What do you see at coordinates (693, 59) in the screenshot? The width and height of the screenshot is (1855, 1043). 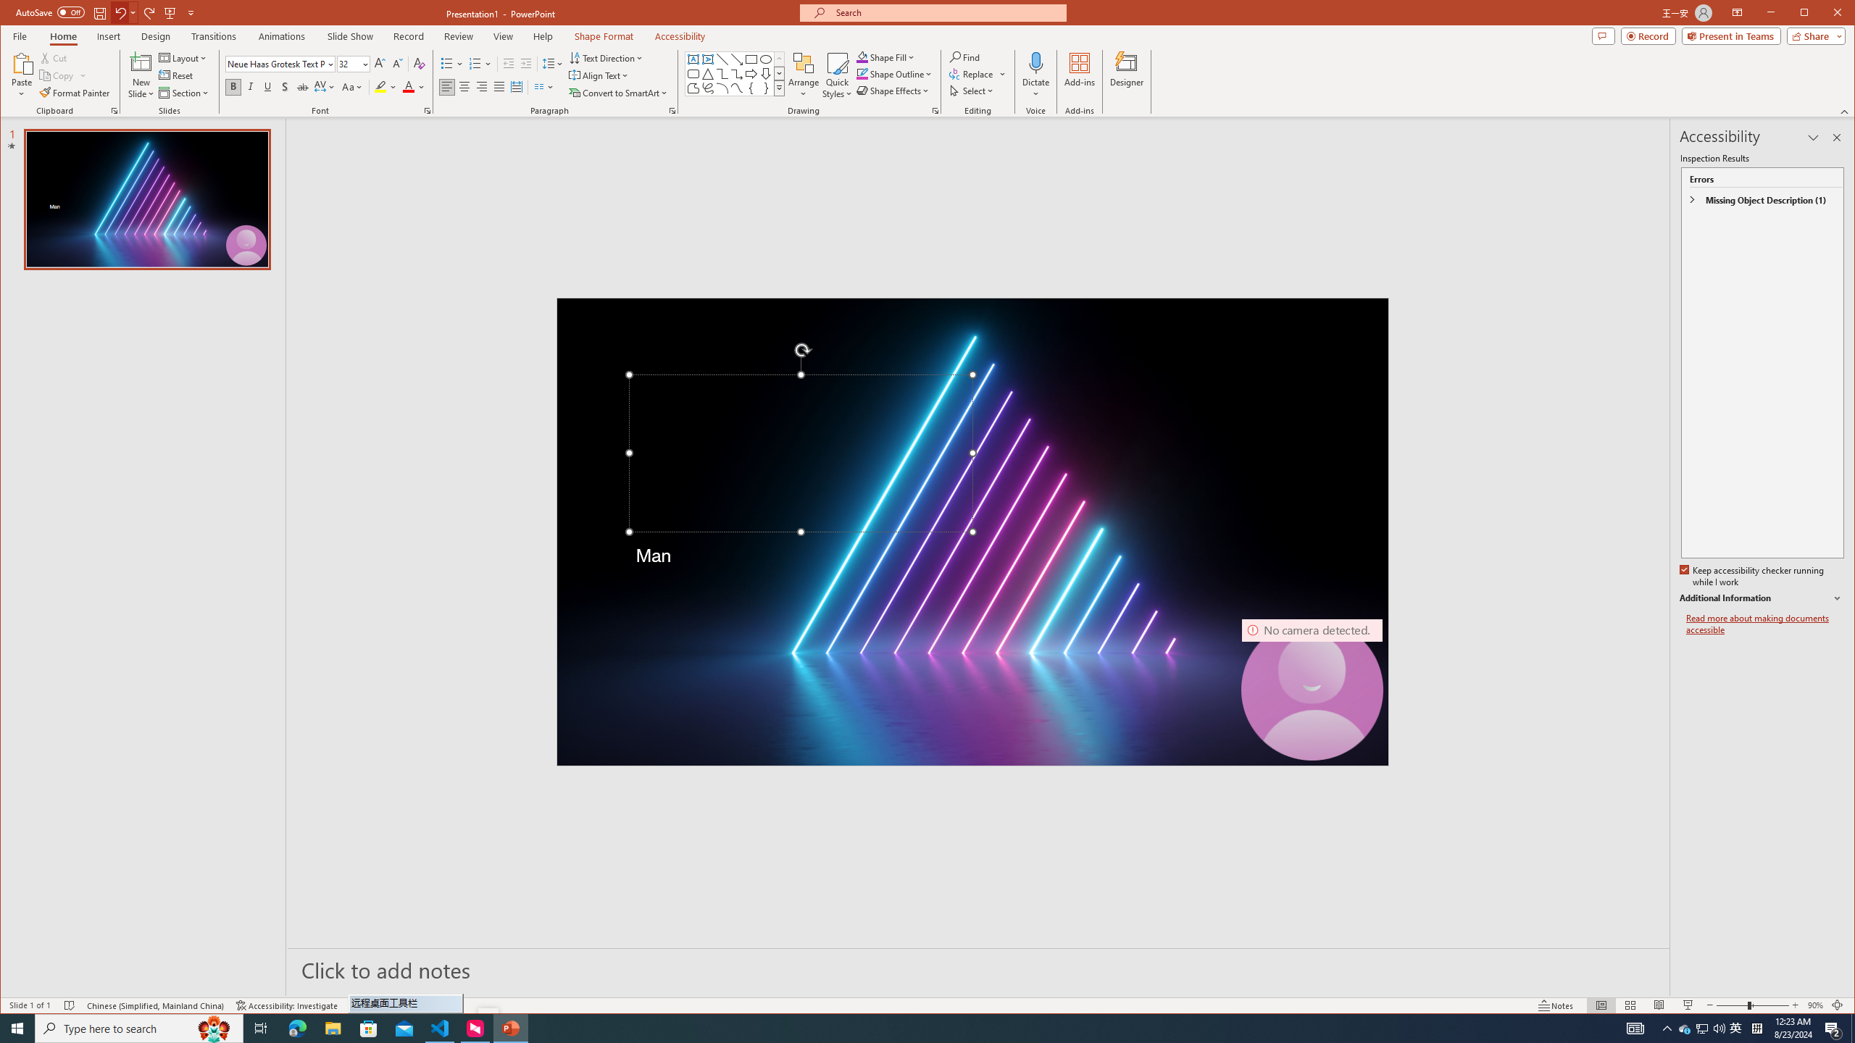 I see `'Text Box'` at bounding box center [693, 59].